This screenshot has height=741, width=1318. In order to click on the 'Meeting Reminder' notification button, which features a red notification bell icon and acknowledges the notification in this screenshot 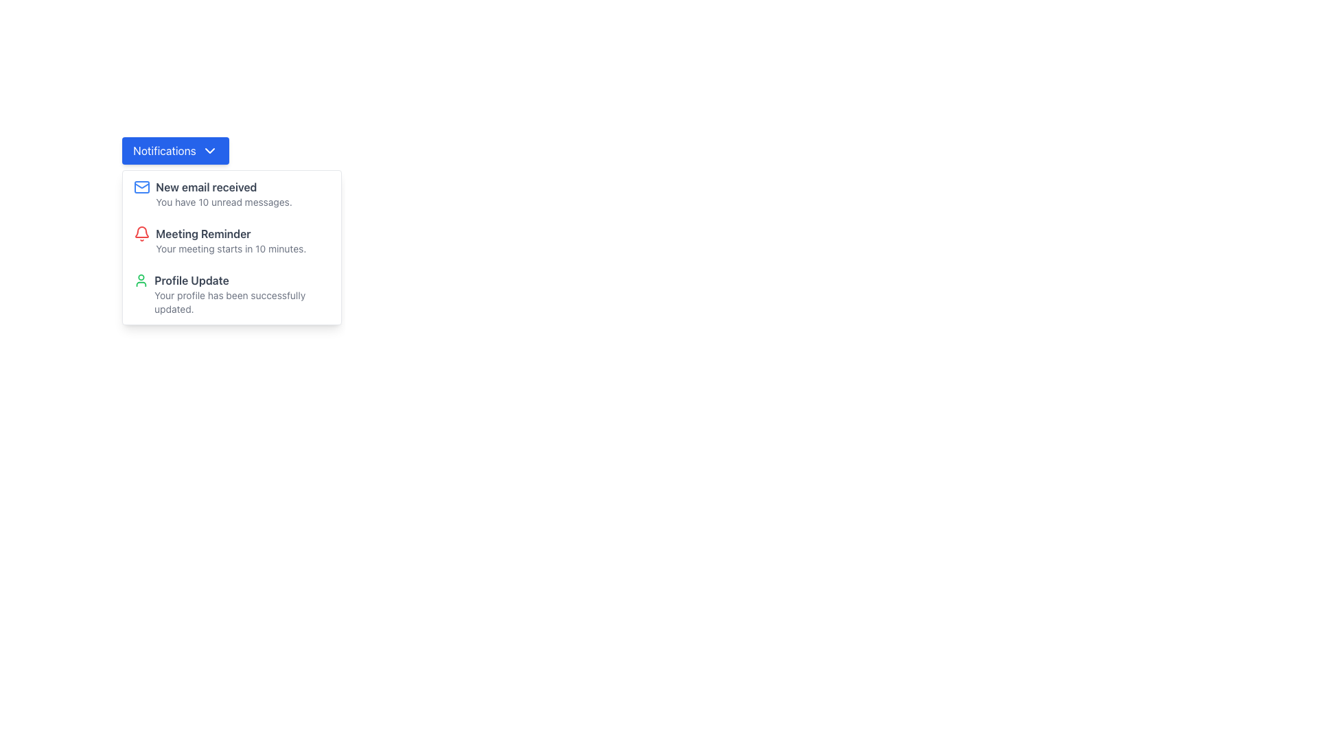, I will do `click(232, 240)`.